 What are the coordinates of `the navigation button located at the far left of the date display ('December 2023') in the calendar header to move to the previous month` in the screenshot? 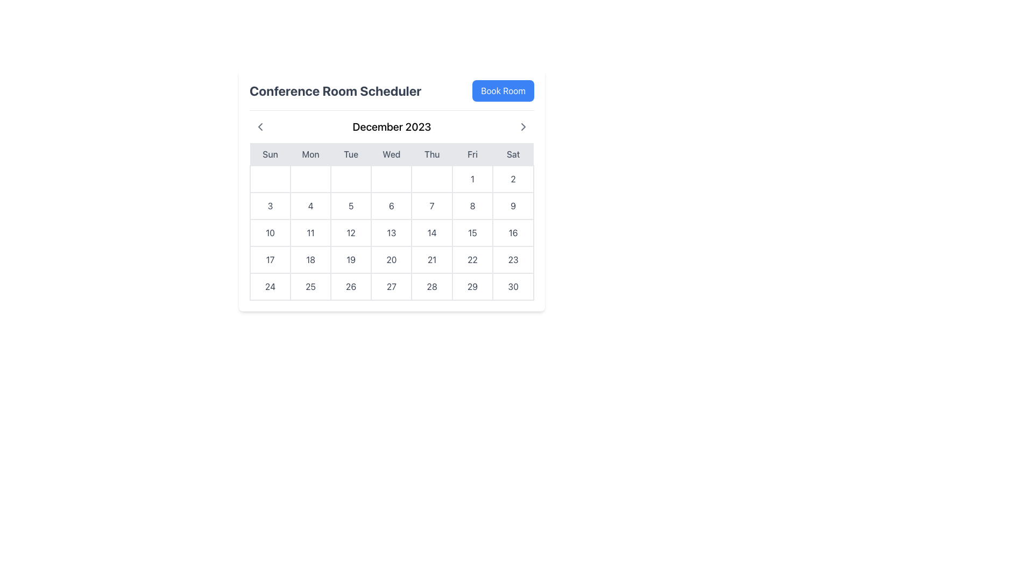 It's located at (260, 126).